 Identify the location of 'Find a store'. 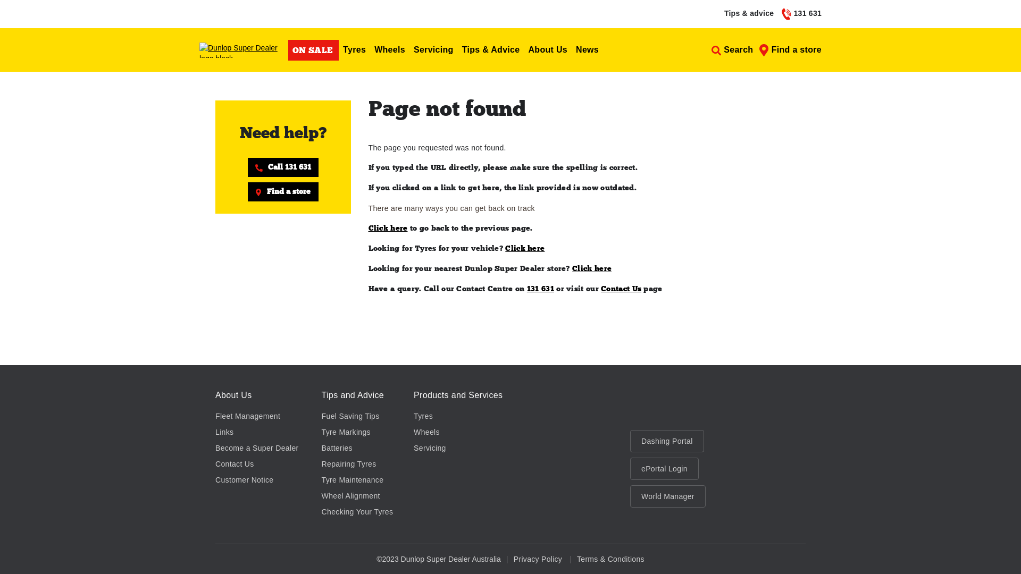
(790, 49).